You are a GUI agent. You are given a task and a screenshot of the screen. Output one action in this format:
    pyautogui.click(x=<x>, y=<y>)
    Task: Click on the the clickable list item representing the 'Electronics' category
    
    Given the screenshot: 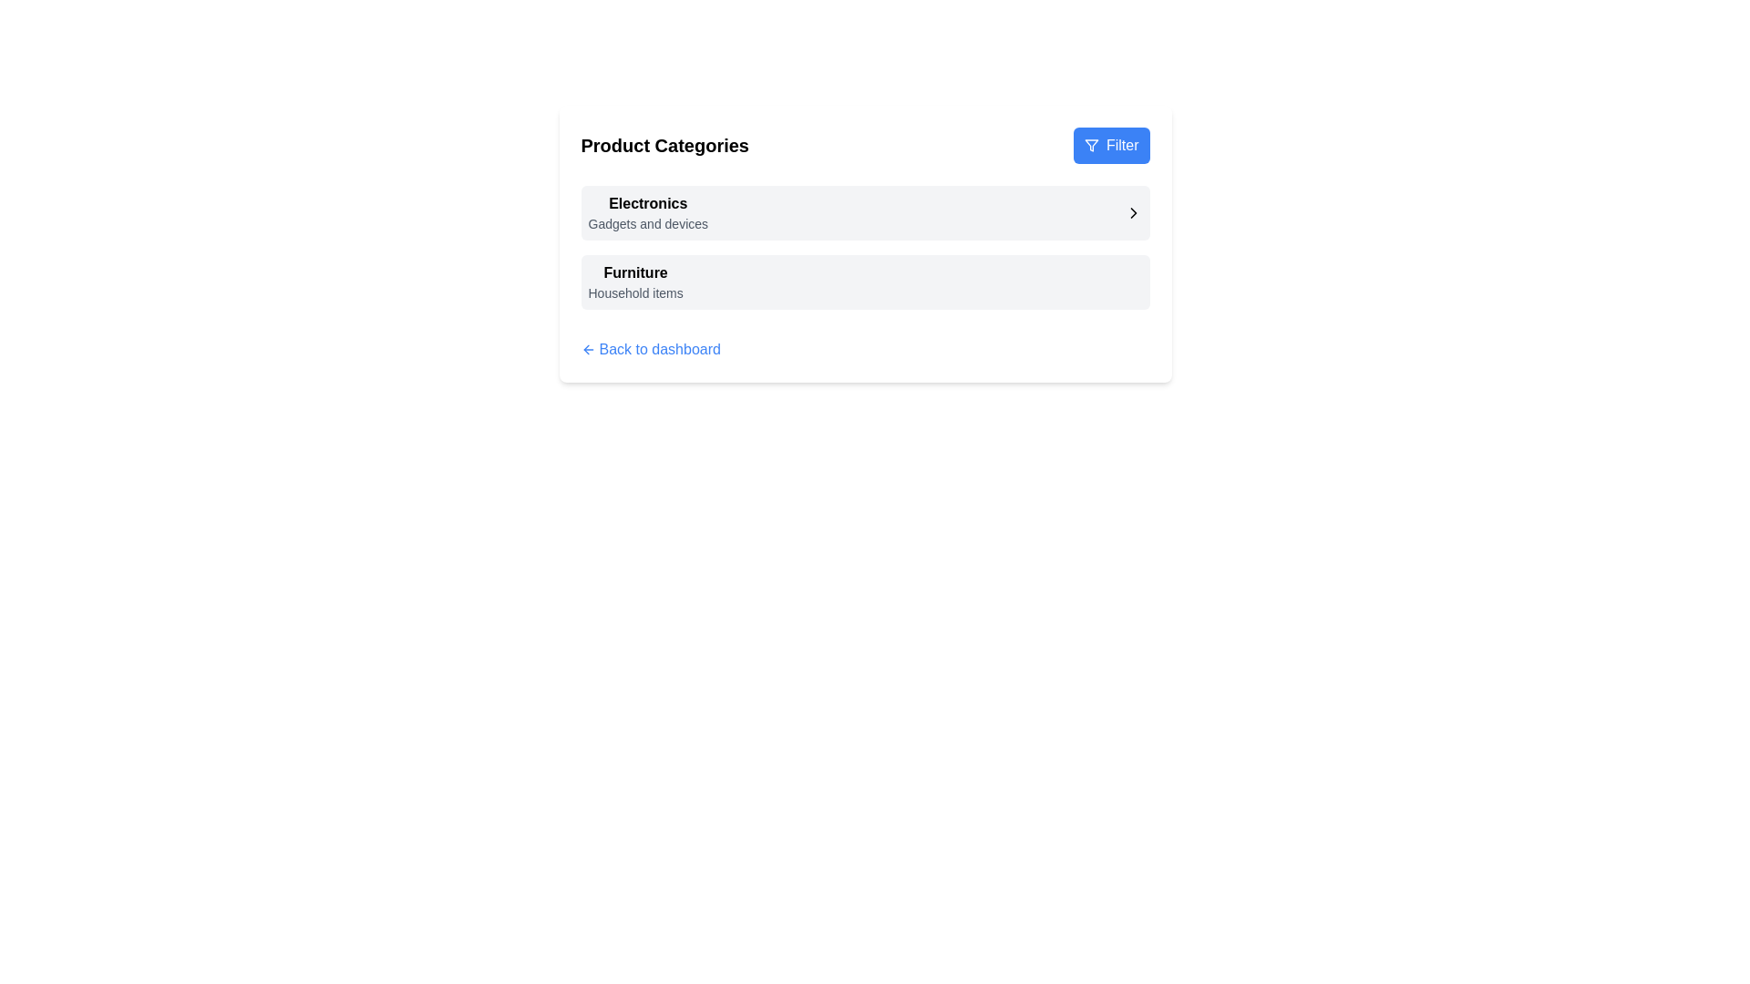 What is the action you would take?
    pyautogui.click(x=864, y=212)
    